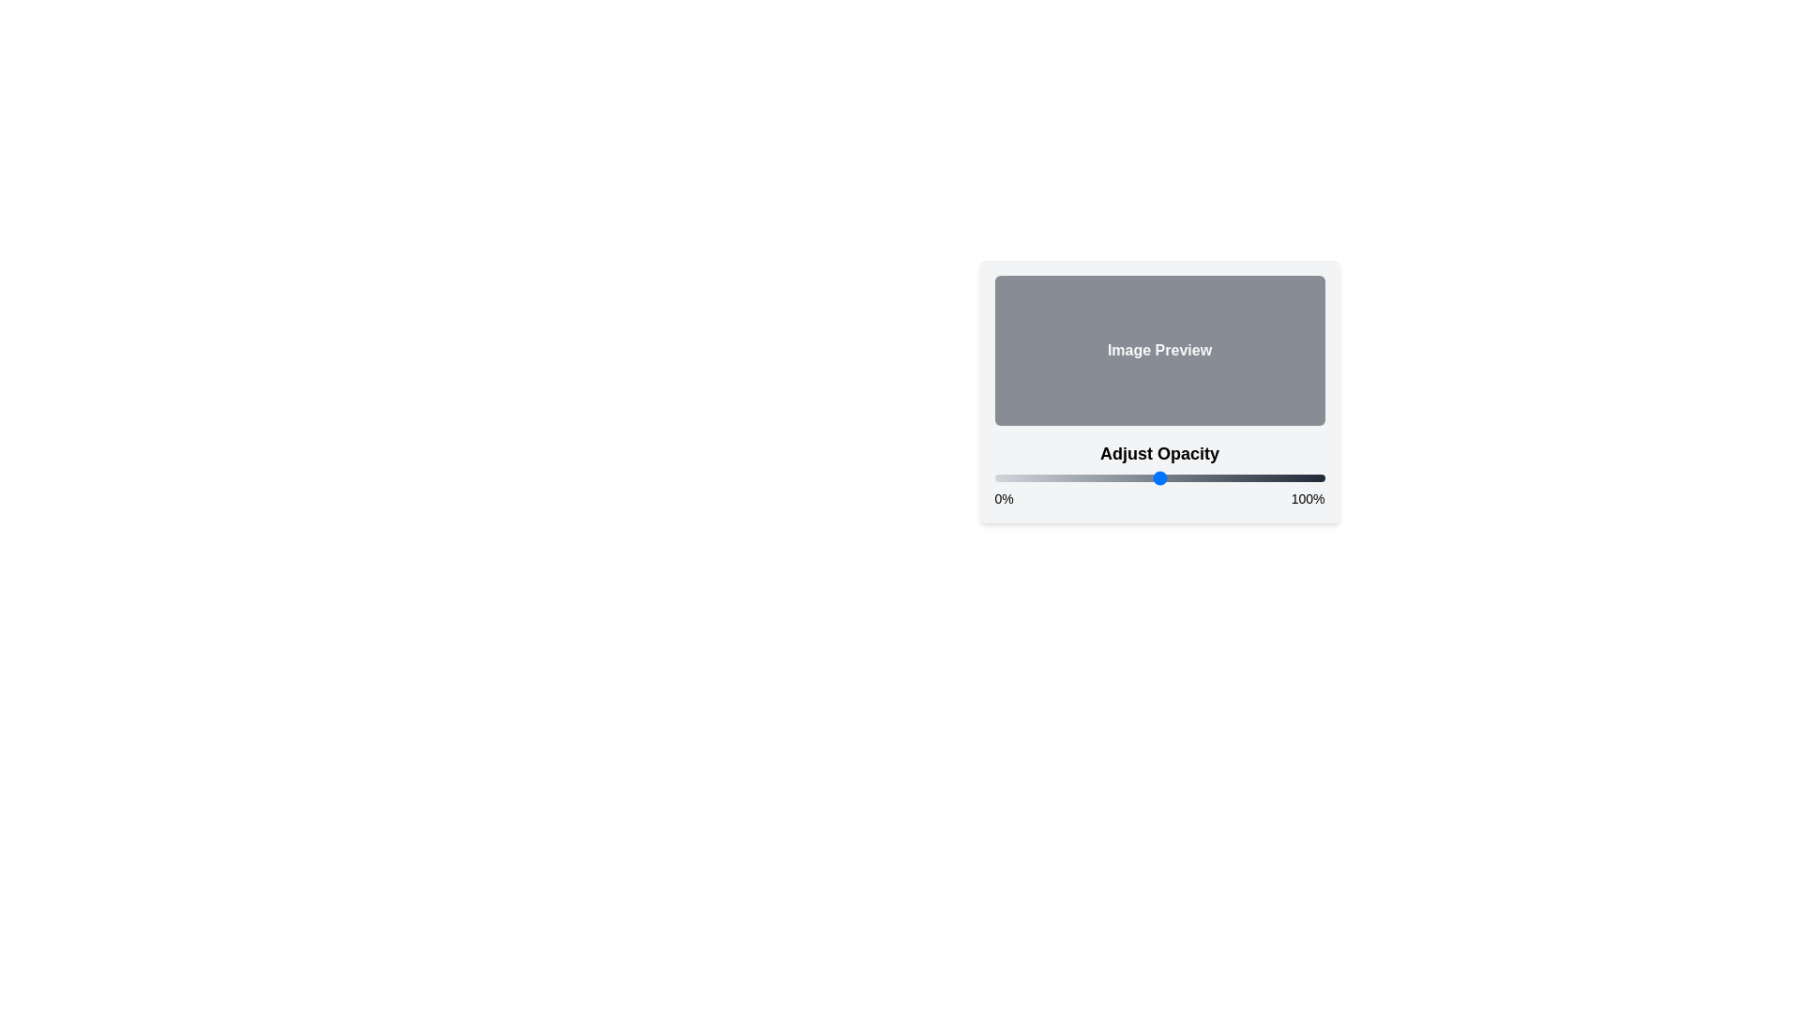 The height and width of the screenshot is (1013, 1801). Describe the element at coordinates (1073, 476) in the screenshot. I see `the opacity` at that location.